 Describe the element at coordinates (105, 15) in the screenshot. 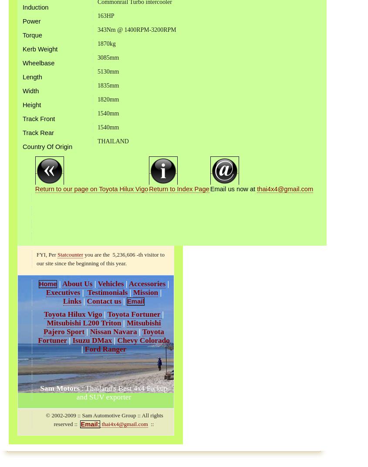

I see `'163HP'` at that location.